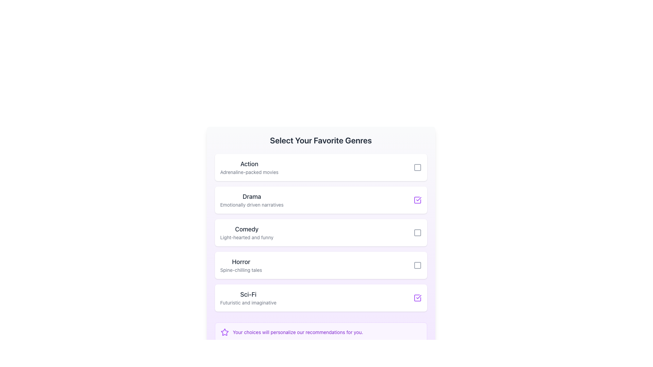  What do you see at coordinates (417, 200) in the screenshot?
I see `the checkbox for the genre 'Drama', which allows the user to select or deselect this category in the vertical list of genres` at bounding box center [417, 200].